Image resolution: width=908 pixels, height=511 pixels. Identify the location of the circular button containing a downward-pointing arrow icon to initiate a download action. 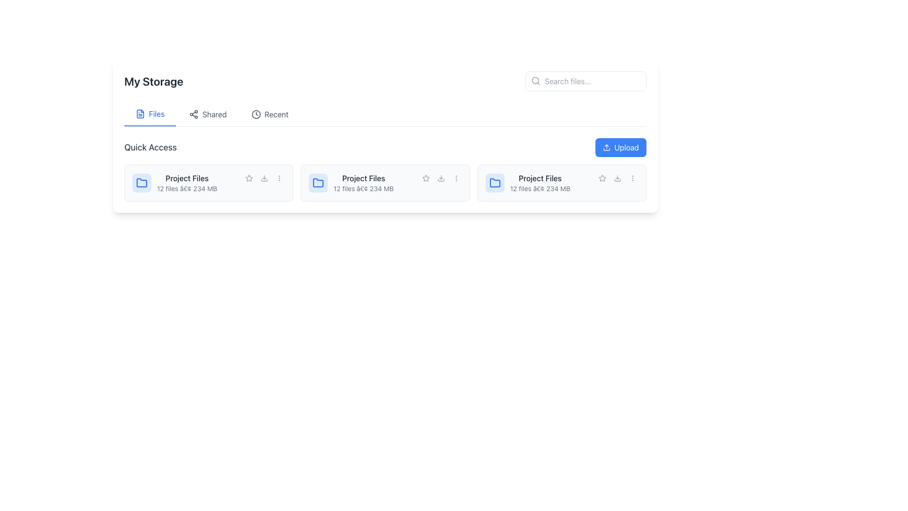
(264, 178).